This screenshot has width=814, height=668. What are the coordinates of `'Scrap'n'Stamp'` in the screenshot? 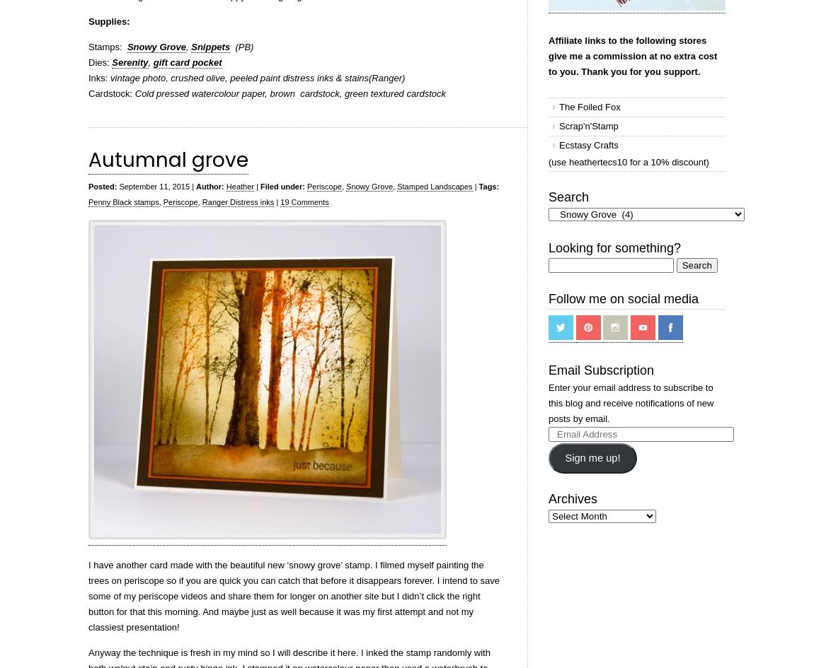 It's located at (587, 126).